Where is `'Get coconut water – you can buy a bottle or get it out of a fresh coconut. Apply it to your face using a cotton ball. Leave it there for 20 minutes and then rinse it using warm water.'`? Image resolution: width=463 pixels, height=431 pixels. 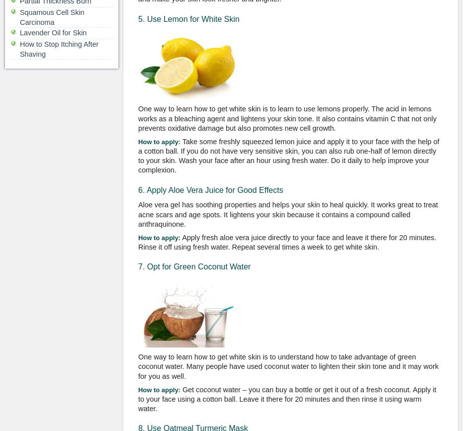
'Get coconut water – you can buy a bottle or get it out of a fresh coconut. Apply it to your face using a cotton ball. Leave it there for 20 minutes and then rinse it using warm water.' is located at coordinates (286, 398).